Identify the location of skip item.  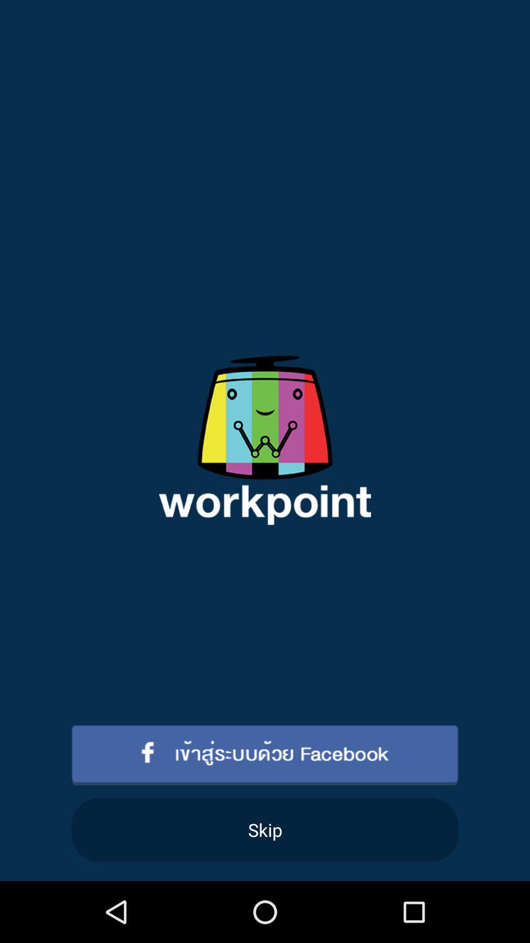
(265, 829).